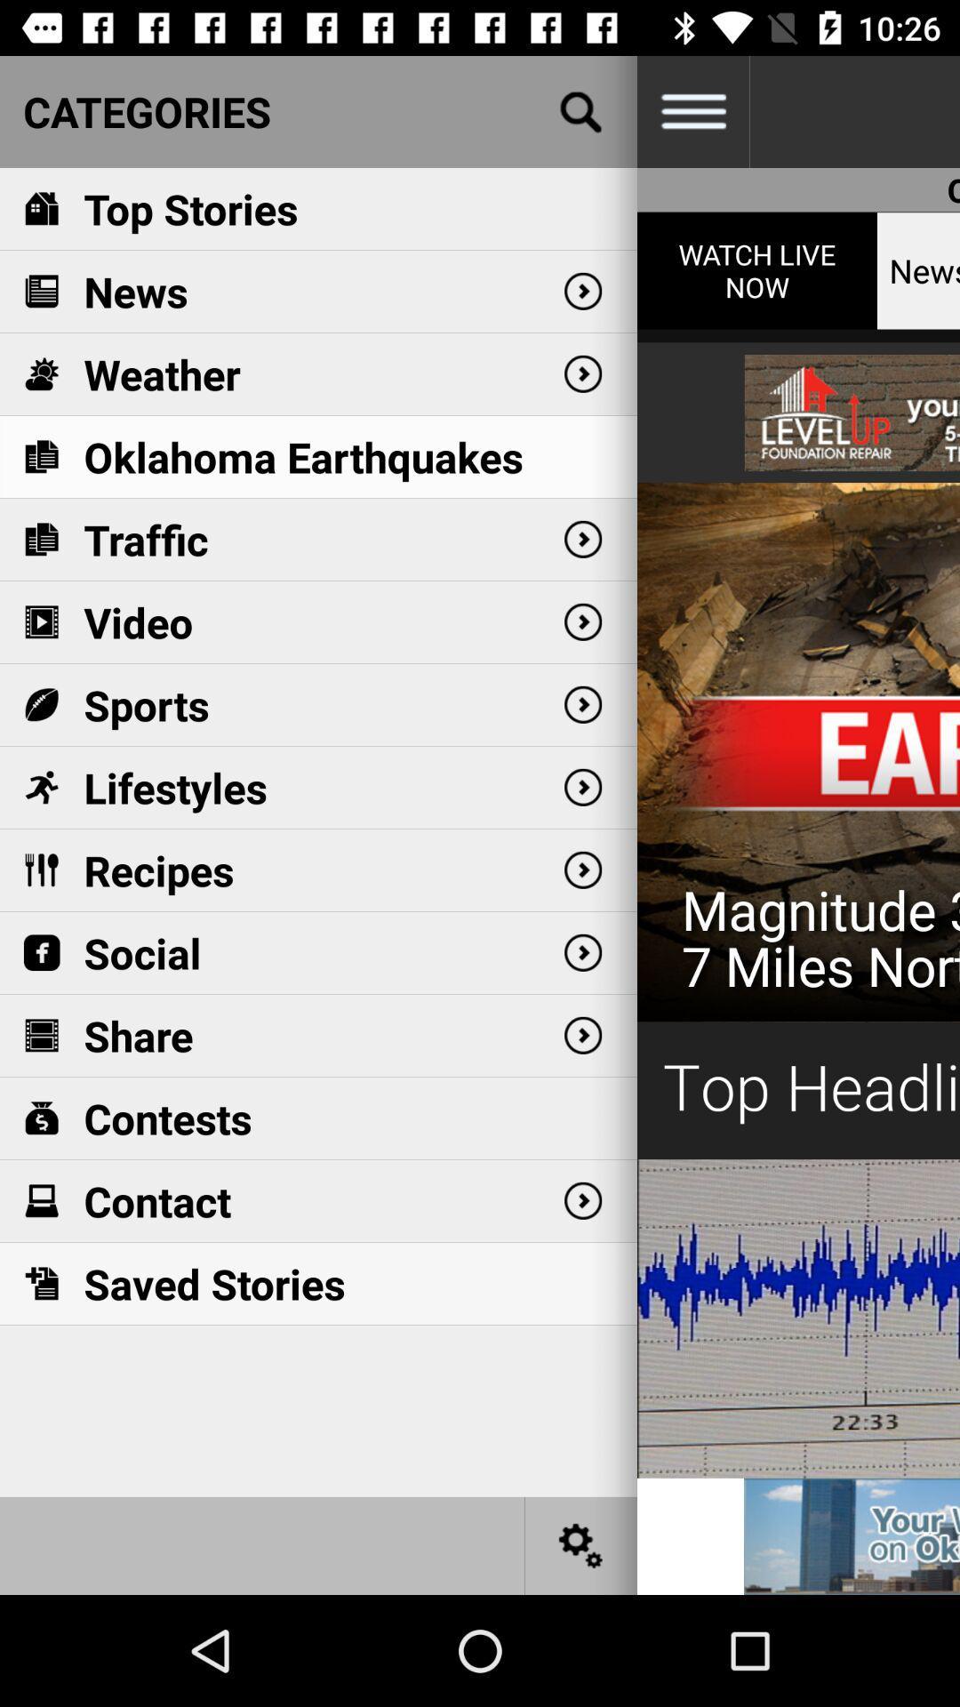 The image size is (960, 1707). What do you see at coordinates (581, 110) in the screenshot?
I see `google page` at bounding box center [581, 110].